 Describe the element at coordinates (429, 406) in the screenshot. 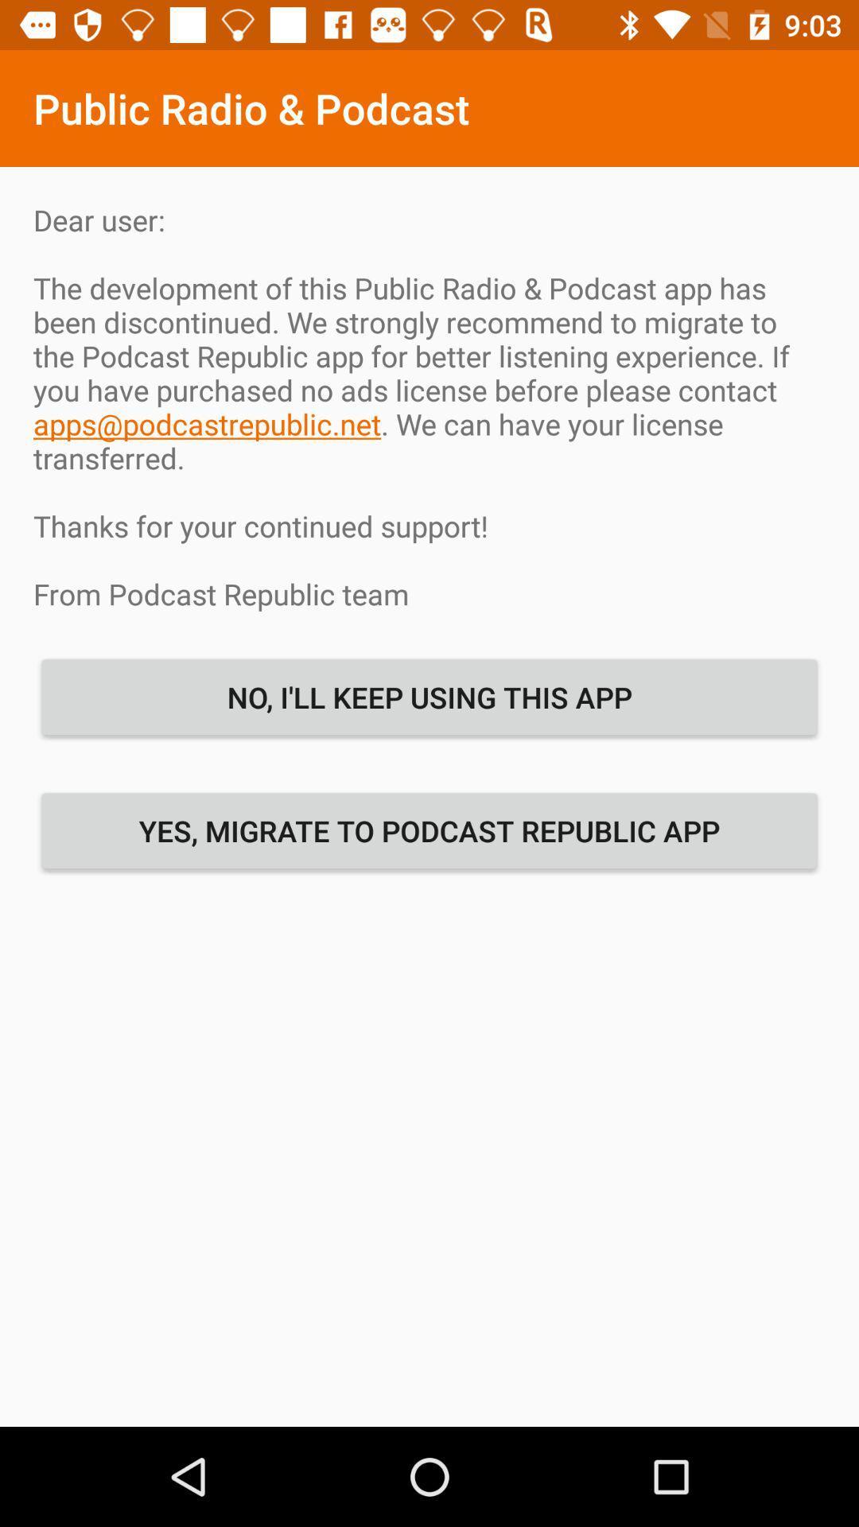

I see `dear user the icon` at that location.